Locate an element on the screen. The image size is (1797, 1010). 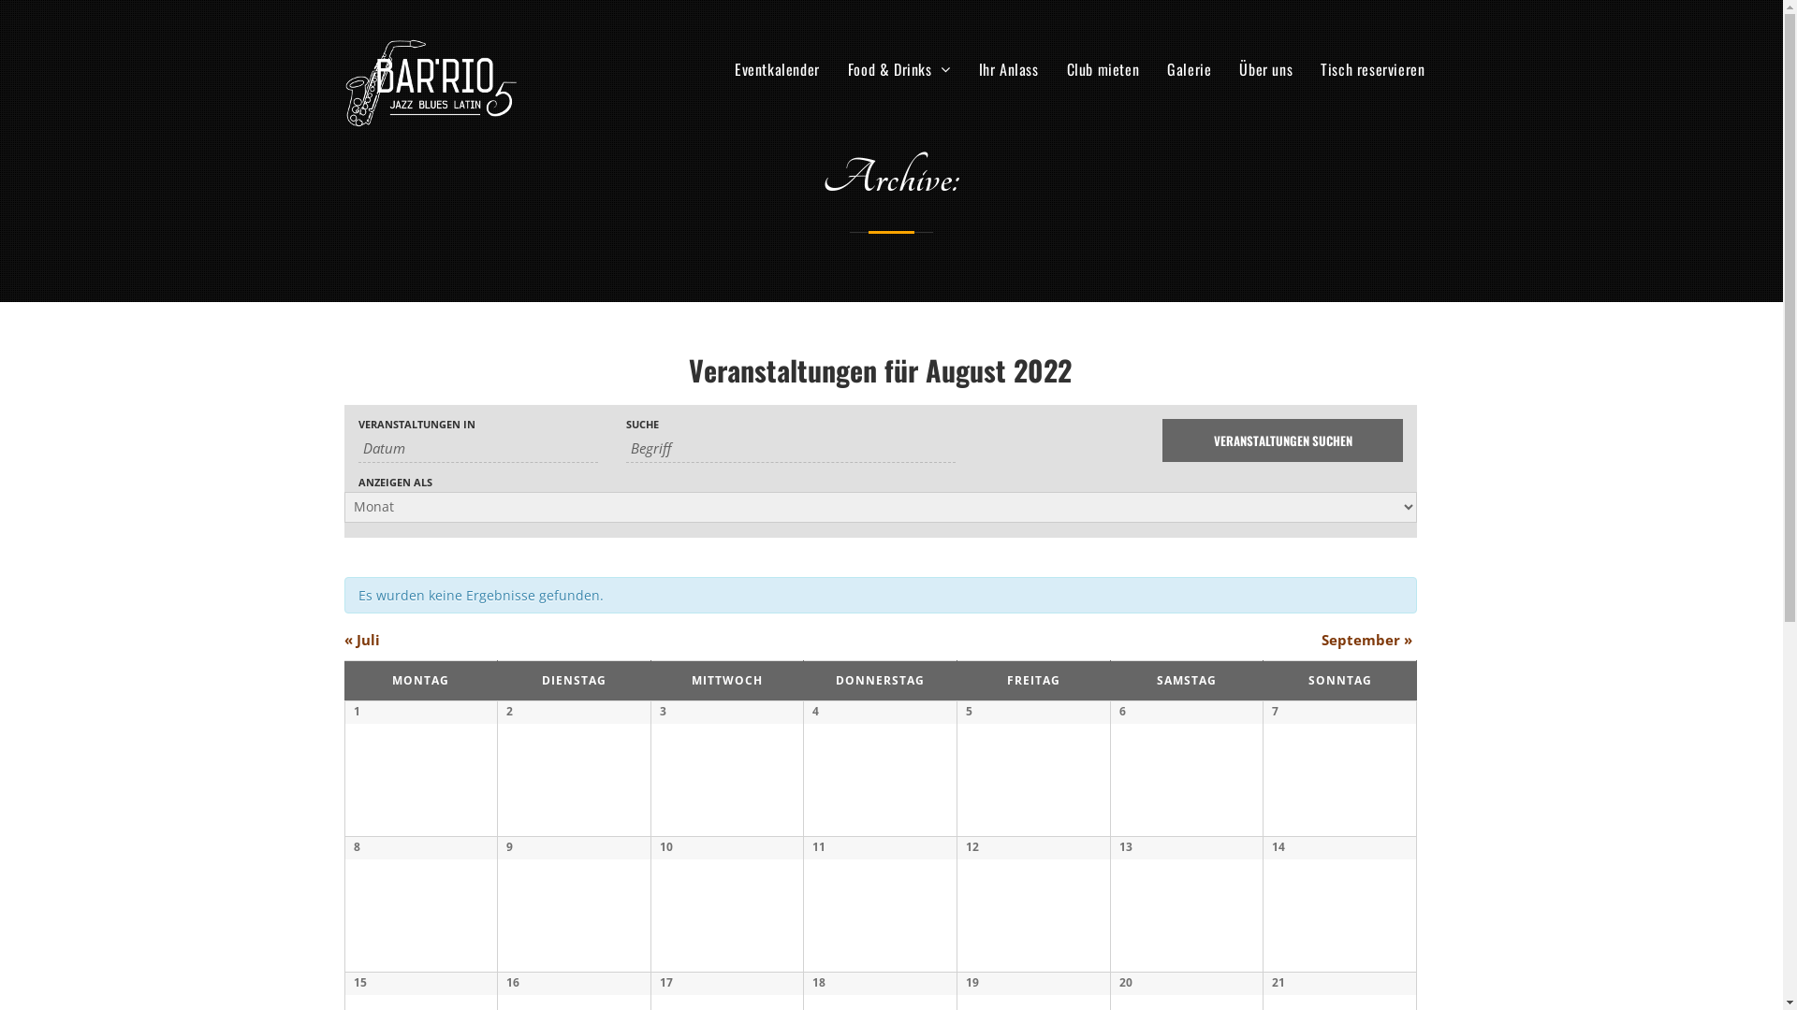
'Ihr Anlass' is located at coordinates (970, 67).